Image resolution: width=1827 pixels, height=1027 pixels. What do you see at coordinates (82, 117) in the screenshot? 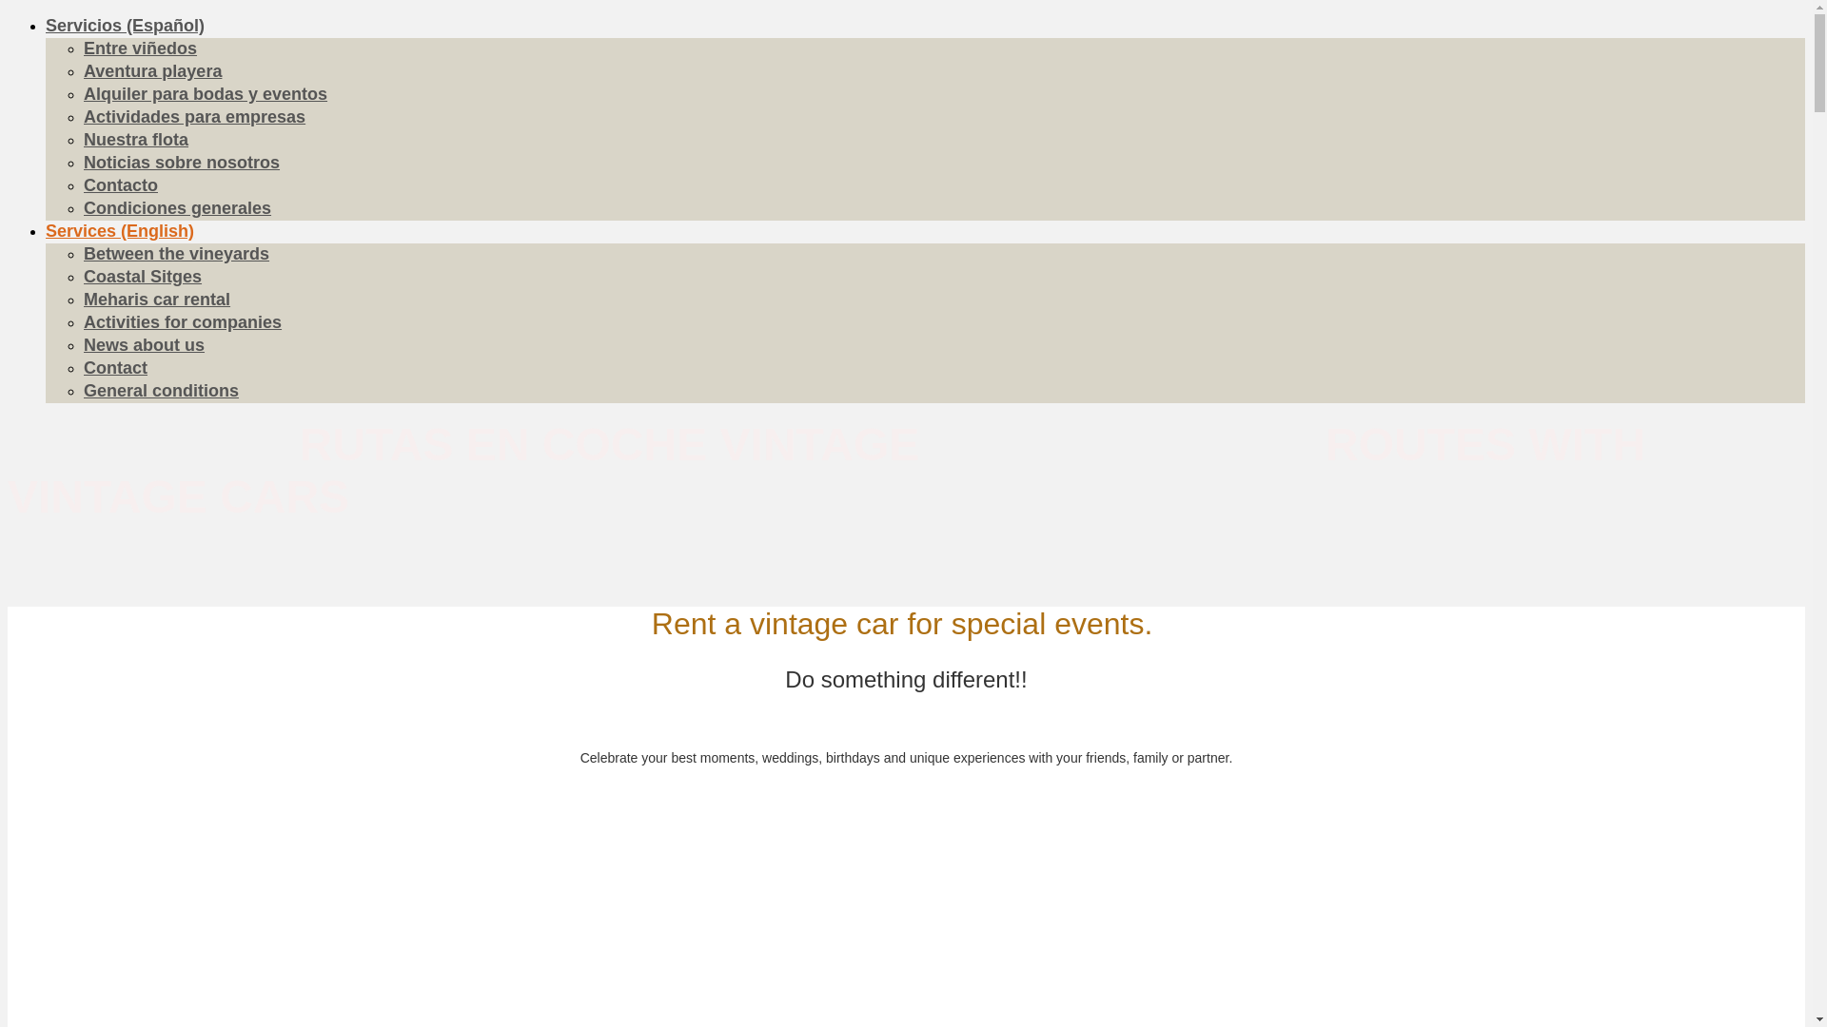
I see `'Actividades para empresas'` at bounding box center [82, 117].